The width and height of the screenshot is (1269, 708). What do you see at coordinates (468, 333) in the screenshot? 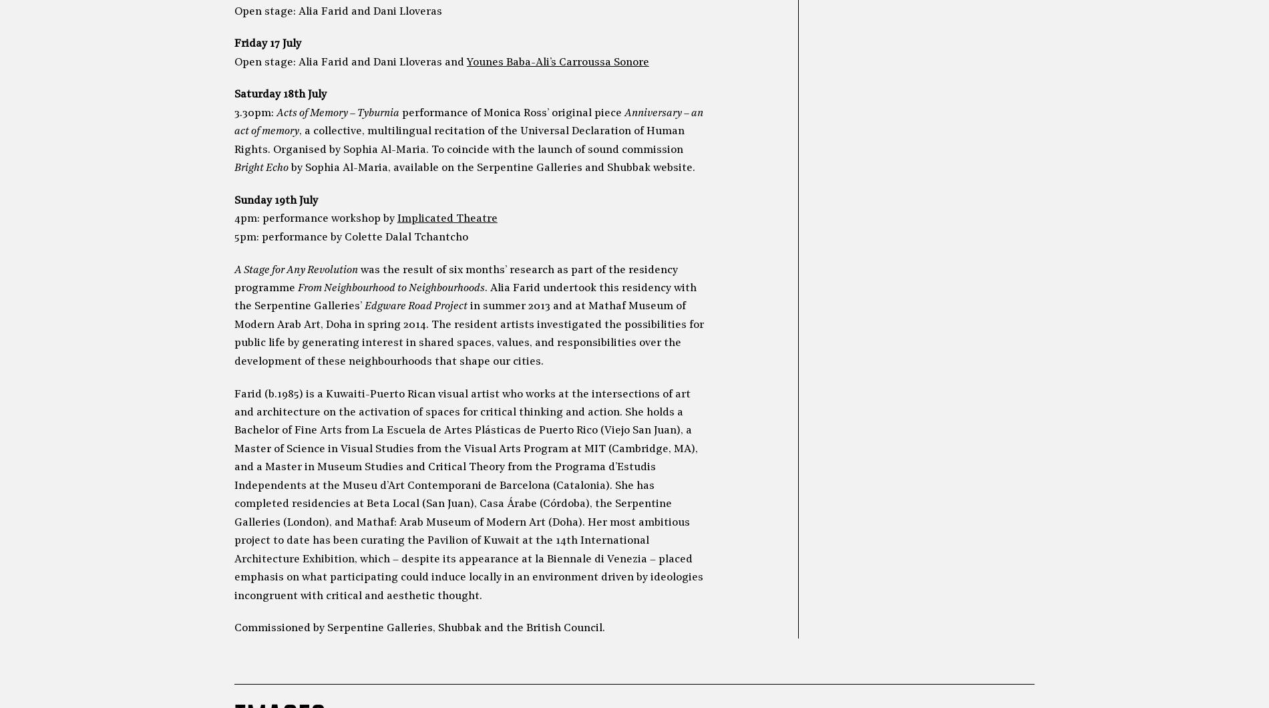
I see `'in summer 2013 and at Mathaf Museum of Modern Arab Art, Doha in spring 2014.  The resident artists investigated the possibilities for public life by generating interest in shared spaces, values, and responsibilities over the development of these neighbourhoods that shape our cities.'` at bounding box center [468, 333].